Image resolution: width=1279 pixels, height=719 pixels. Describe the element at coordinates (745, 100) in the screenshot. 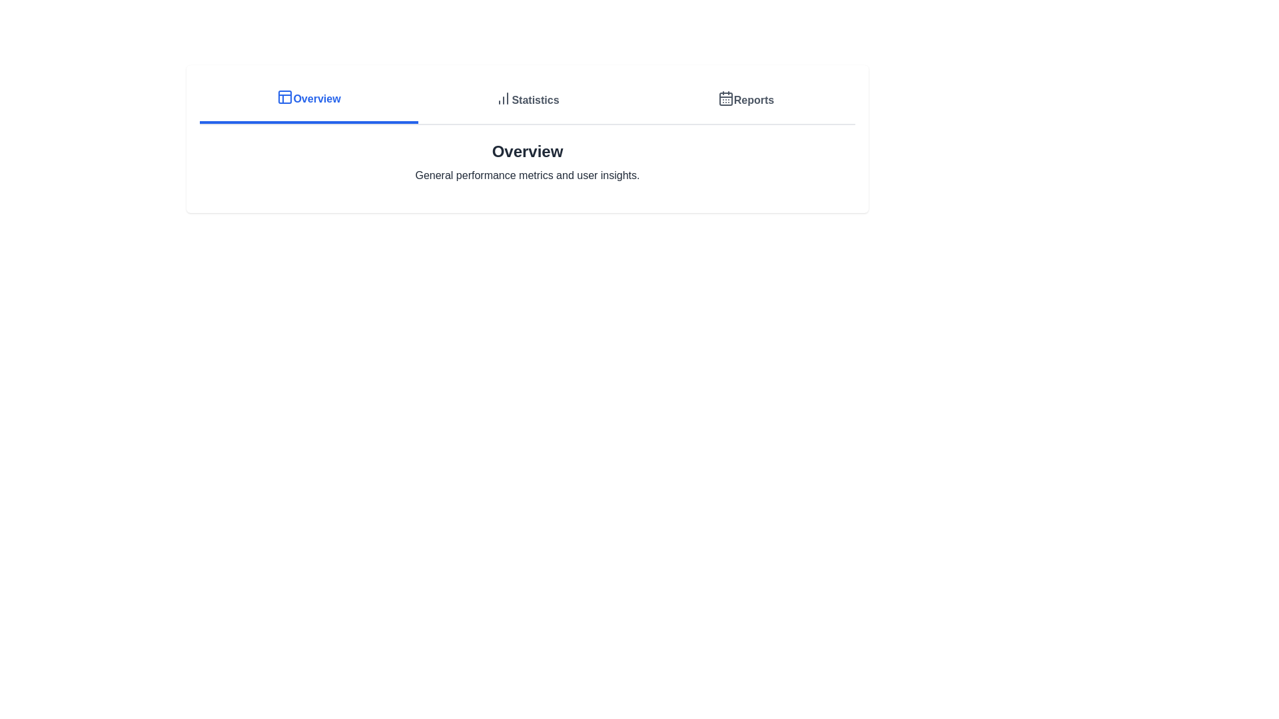

I see `the 'Reports' button, which is the third button in a row of three buttons` at that location.